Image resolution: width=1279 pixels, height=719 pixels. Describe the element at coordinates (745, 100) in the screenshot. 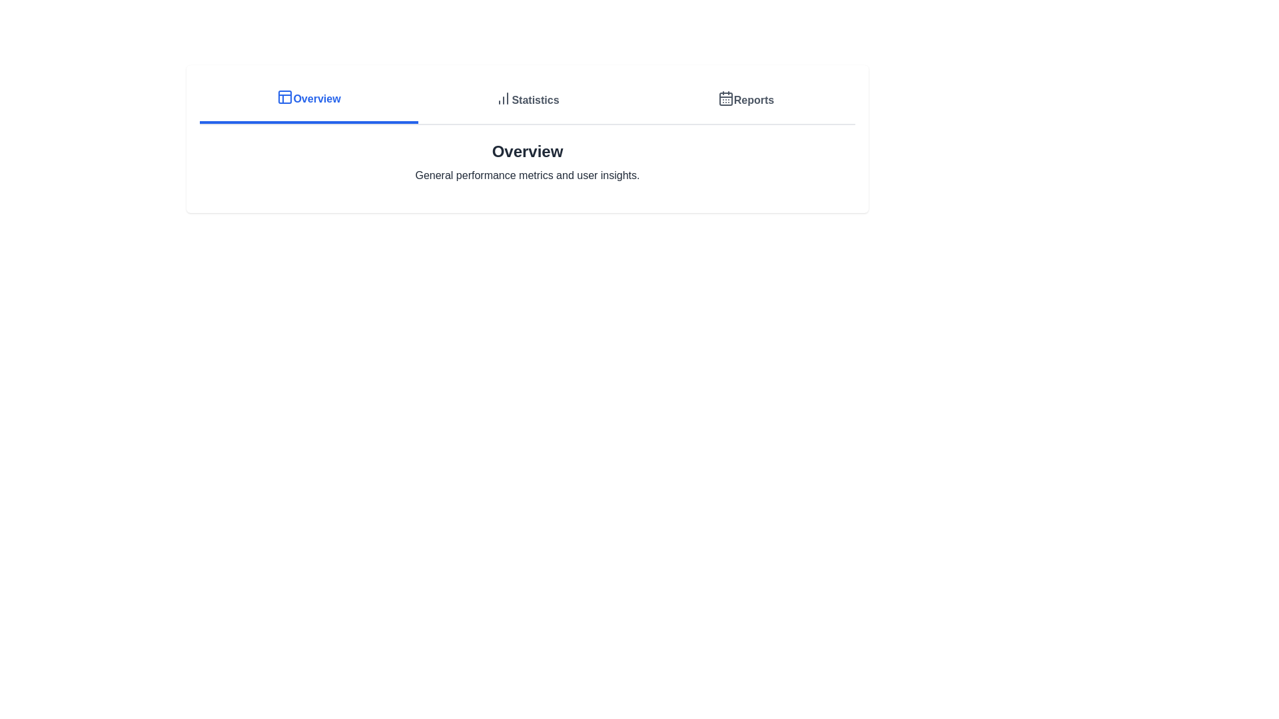

I see `the 'Reports' button, which is the third button in a row of three buttons` at that location.